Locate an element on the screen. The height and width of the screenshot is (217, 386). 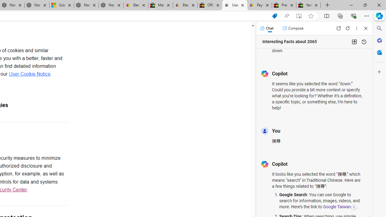
'Press Room - eBay Inc.' is located at coordinates (284, 5).